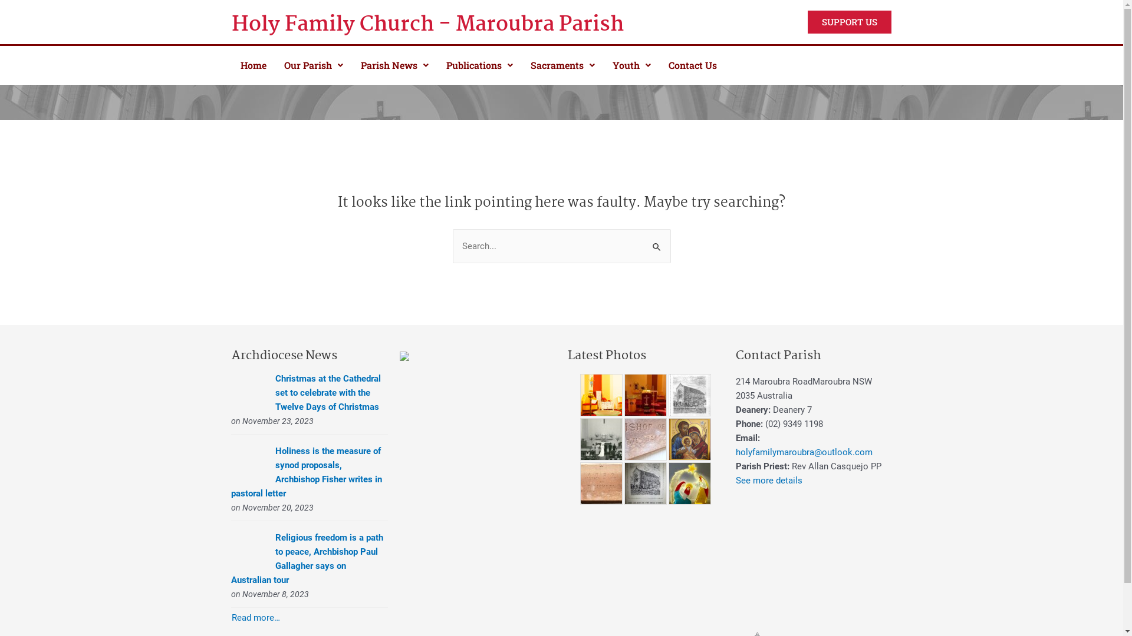  I want to click on 'Home', so click(252, 65).